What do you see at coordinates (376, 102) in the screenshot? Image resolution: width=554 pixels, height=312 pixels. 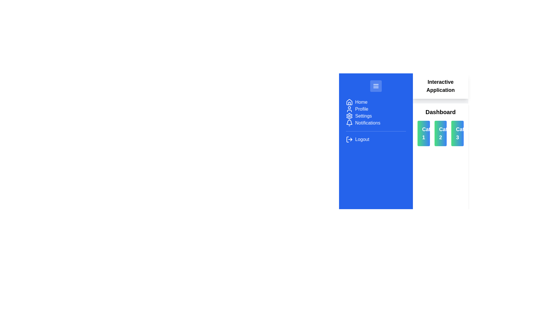 I see `the navigational menu item at the top of the vertical navigation menu` at bounding box center [376, 102].